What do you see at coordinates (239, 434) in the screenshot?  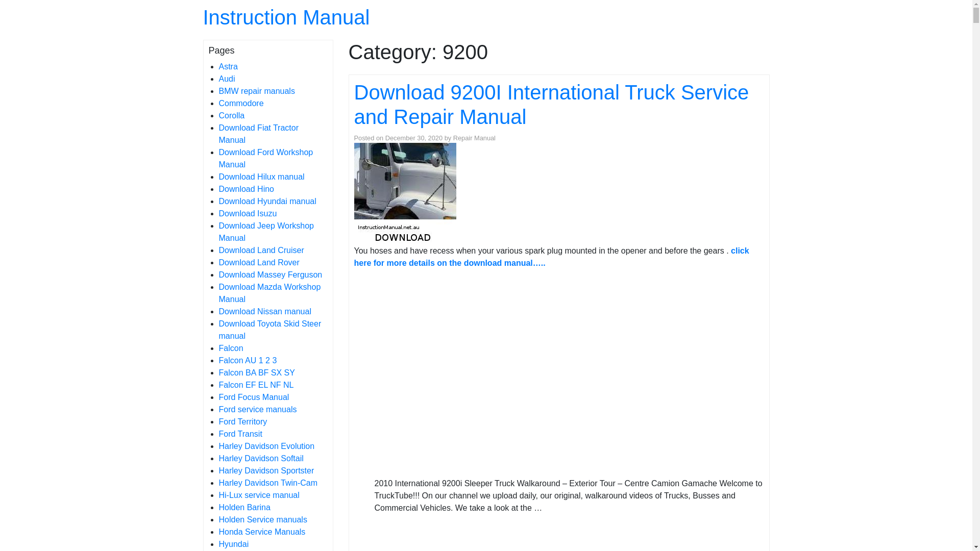 I see `'Ford Transit'` at bounding box center [239, 434].